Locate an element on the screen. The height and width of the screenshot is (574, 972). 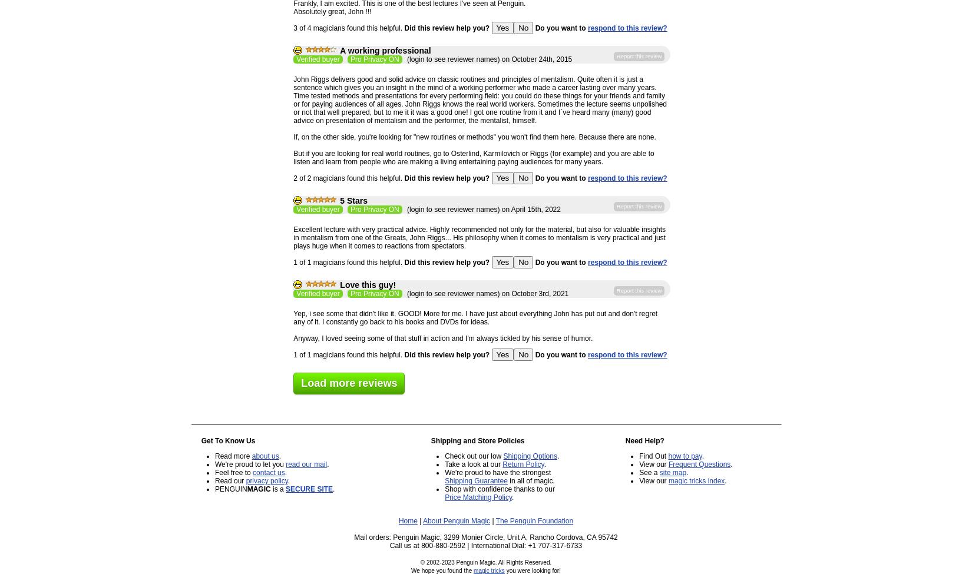
'But if you are looking for real world routines, go to Osterlind, Karmilovich or
Riggs (for example) and you are able to listen and learn from people who are making a living
entertaining paying audiences for many years.' is located at coordinates (473, 158).